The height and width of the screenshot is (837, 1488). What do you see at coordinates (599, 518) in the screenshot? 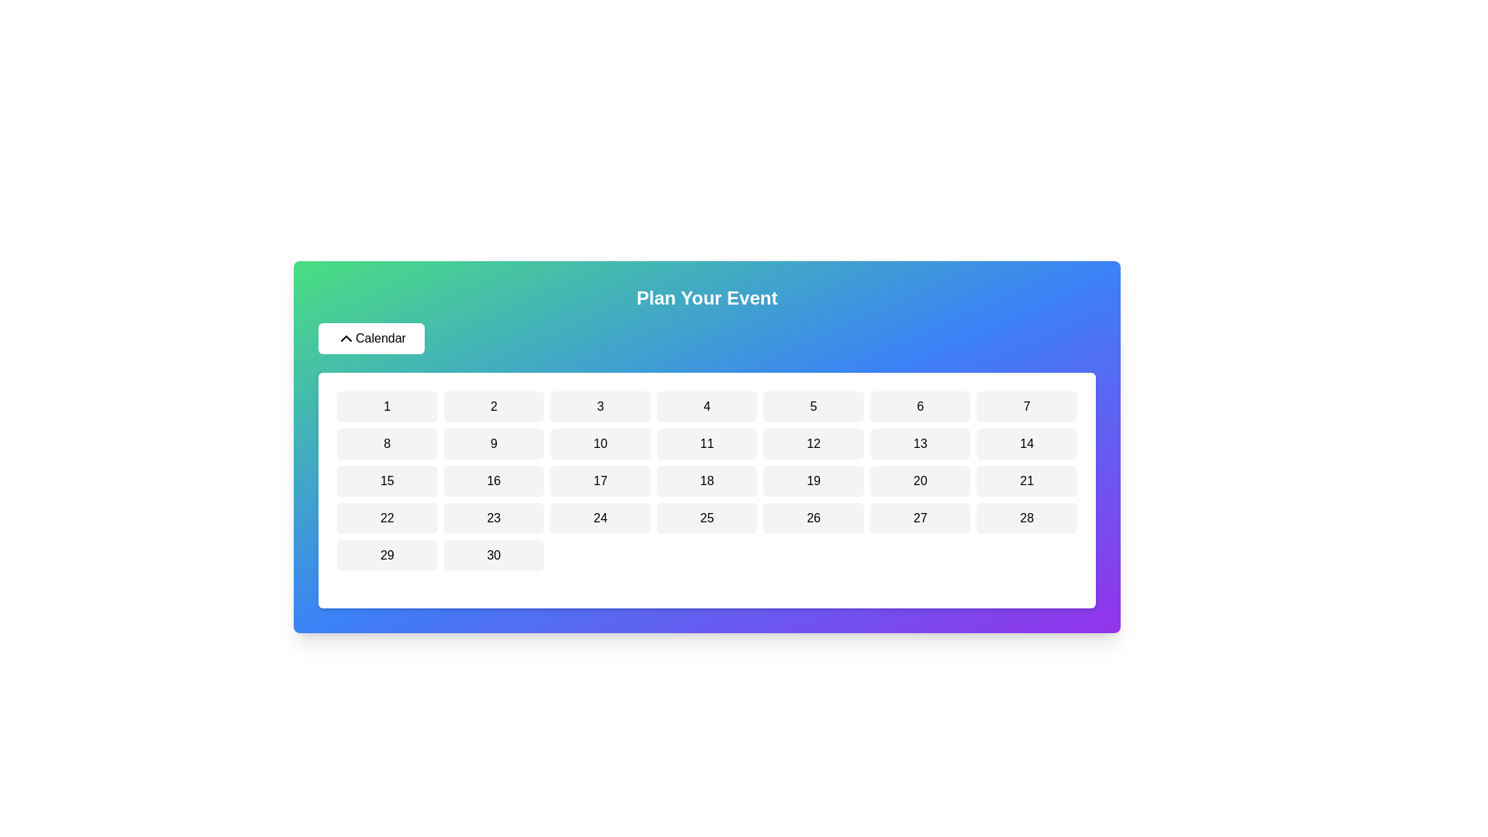
I see `the button for the 24th day in the calendar view grid located in the fourth row and fourth column, below the 'Plan Your Event' heading` at bounding box center [599, 518].